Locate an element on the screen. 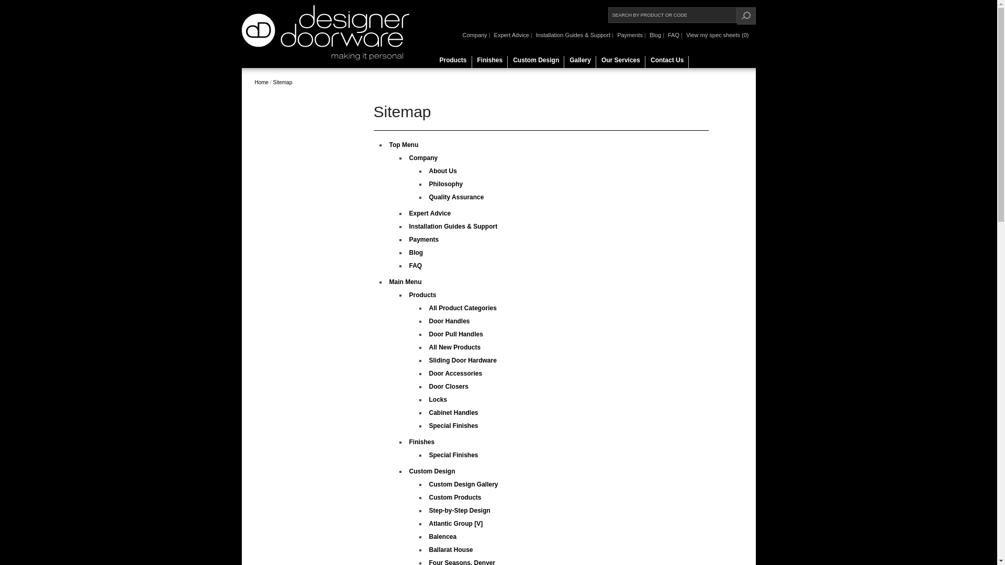  'Contact Us' is located at coordinates (666, 62).